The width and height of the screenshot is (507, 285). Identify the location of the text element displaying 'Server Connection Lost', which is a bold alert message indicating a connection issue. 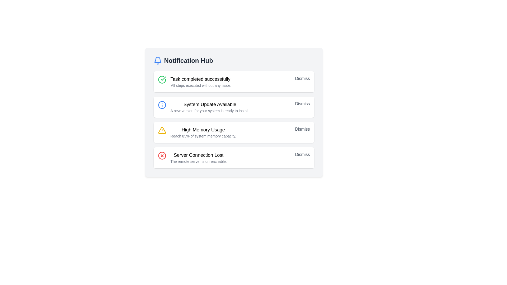
(198, 155).